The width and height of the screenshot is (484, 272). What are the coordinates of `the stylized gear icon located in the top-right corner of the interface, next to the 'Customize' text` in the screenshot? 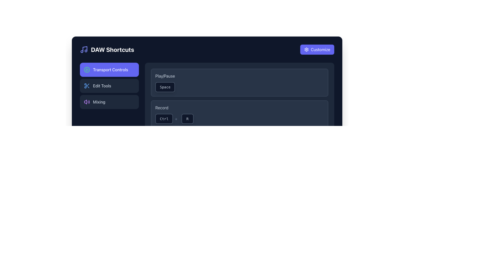 It's located at (306, 49).